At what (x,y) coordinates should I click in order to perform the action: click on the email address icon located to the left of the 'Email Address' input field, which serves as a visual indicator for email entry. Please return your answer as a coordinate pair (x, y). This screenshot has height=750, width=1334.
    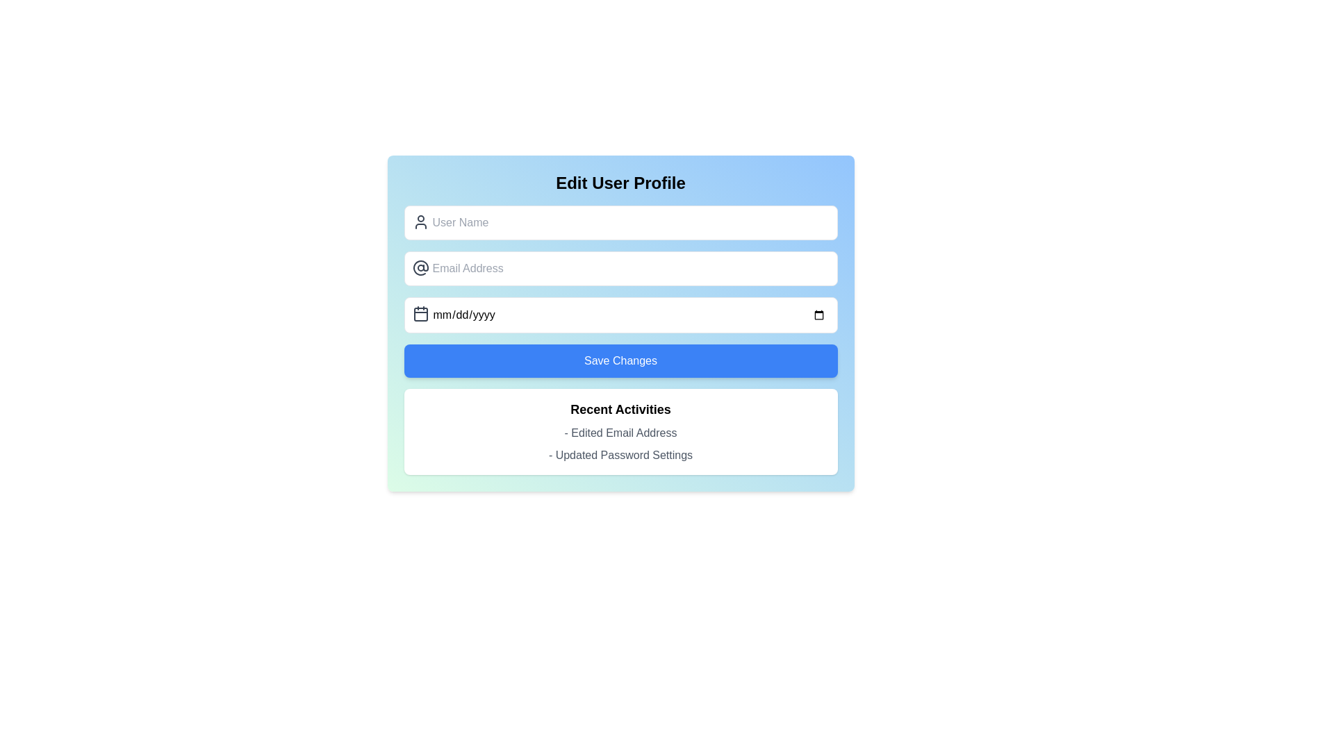
    Looking at the image, I should click on (420, 267).